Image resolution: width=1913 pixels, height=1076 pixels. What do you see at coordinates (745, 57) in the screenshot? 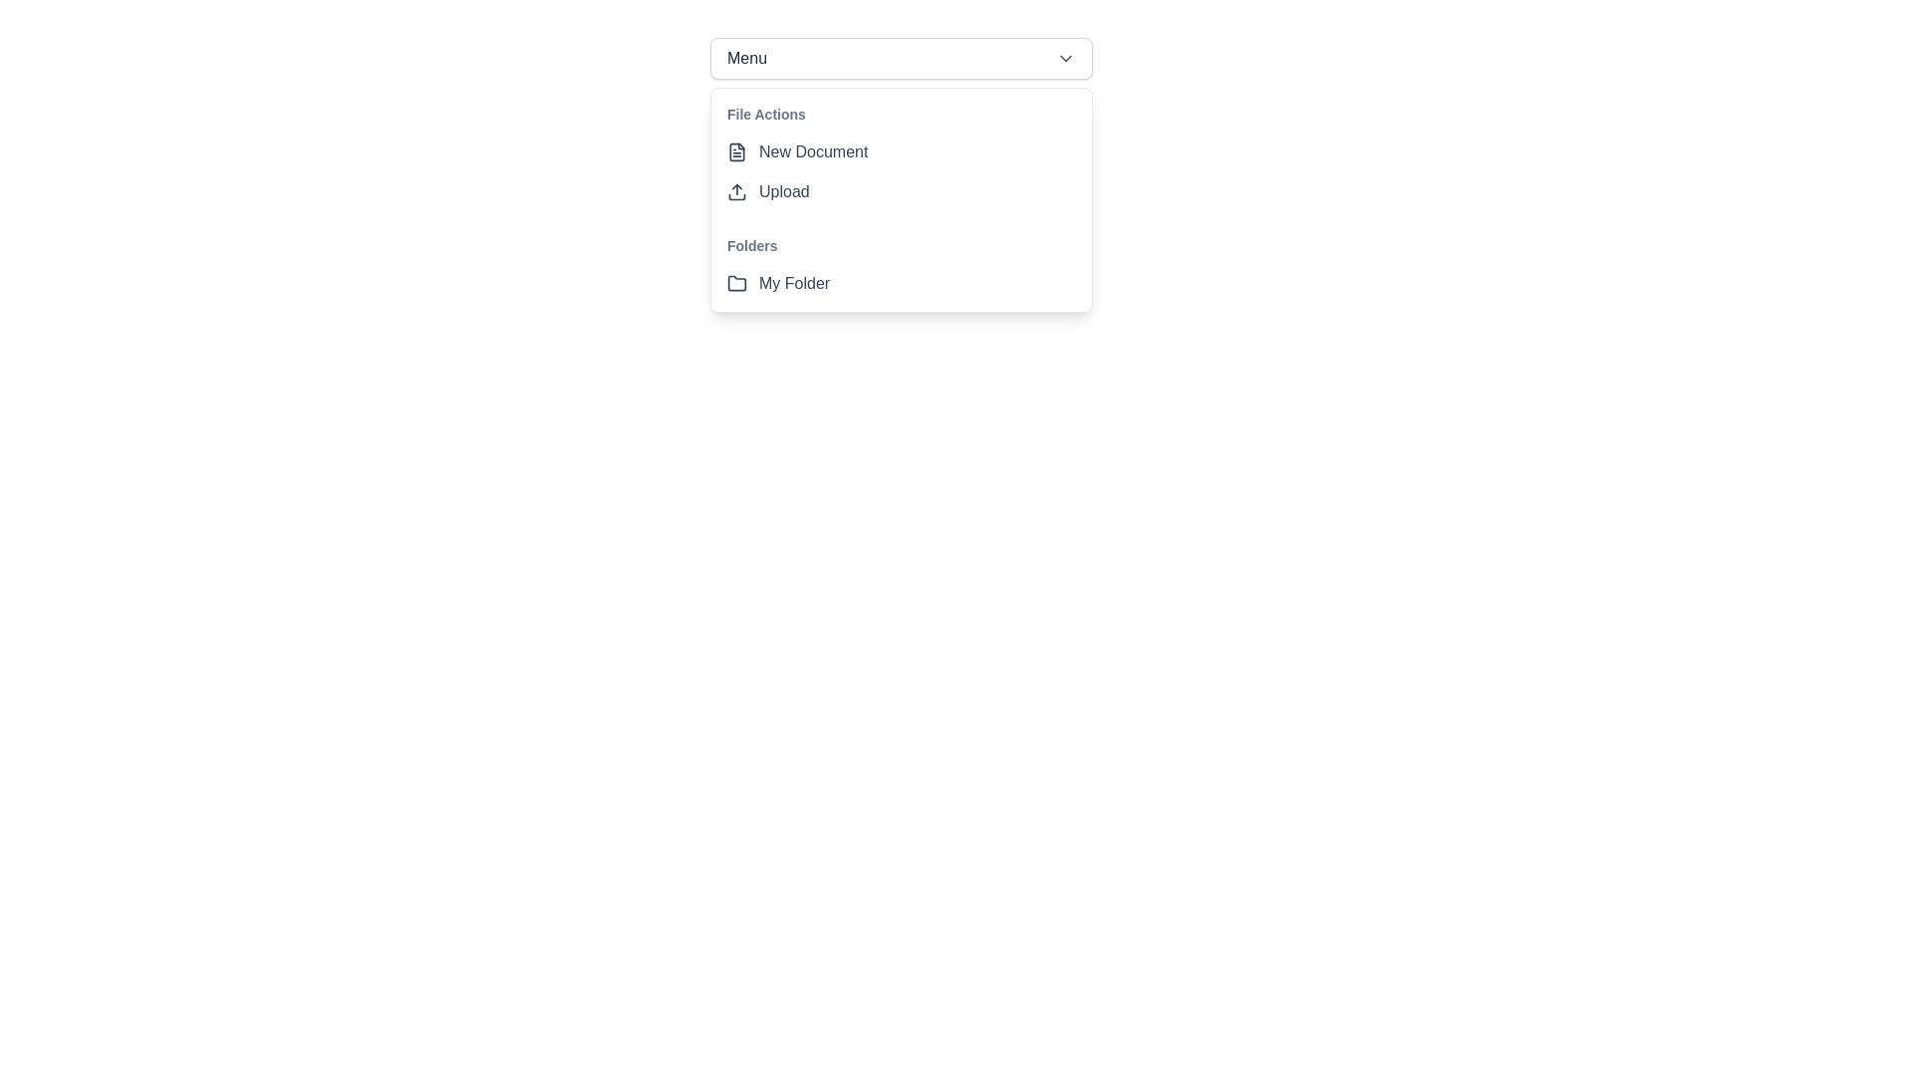
I see `displayed text 'Menu' from the Text label located at the leftmost part of the dropdown menu header, positioned to the immediate left of a downward-pointing arrow icon` at bounding box center [745, 57].